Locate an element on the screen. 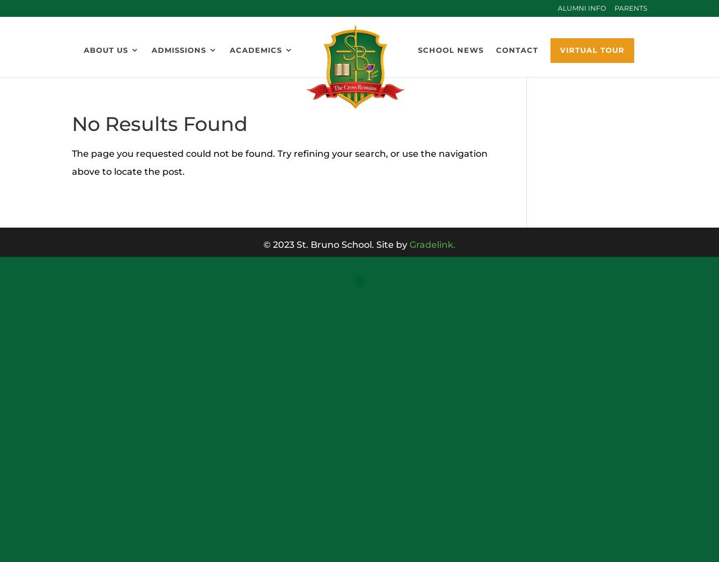  'Academics' is located at coordinates (255, 49).